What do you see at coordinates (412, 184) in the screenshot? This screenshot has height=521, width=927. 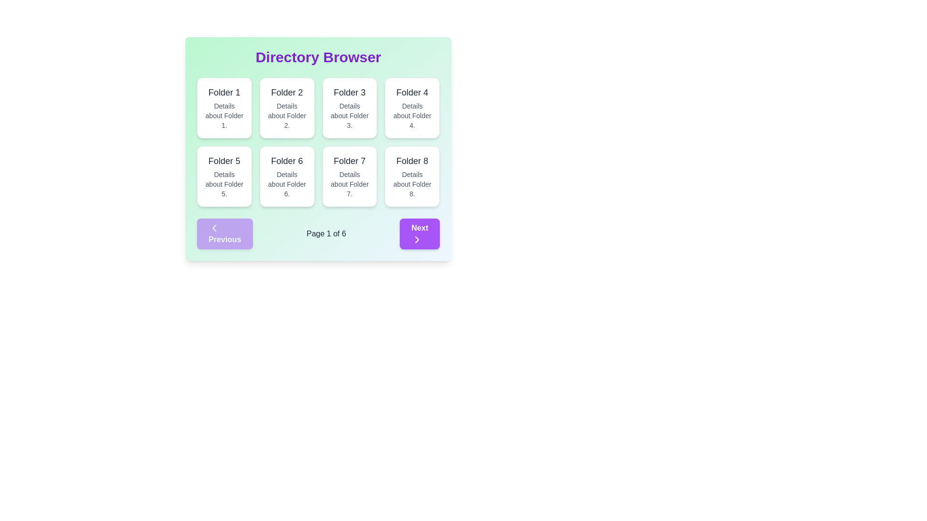 I see `the static text label providing information about 'Folder 8', located in the lower section of the eighth folder card` at bounding box center [412, 184].